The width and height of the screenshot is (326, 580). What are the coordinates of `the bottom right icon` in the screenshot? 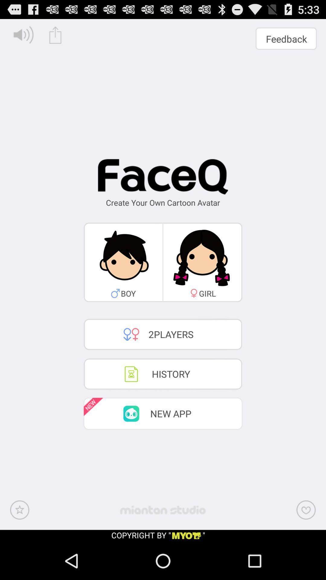 It's located at (306, 510).